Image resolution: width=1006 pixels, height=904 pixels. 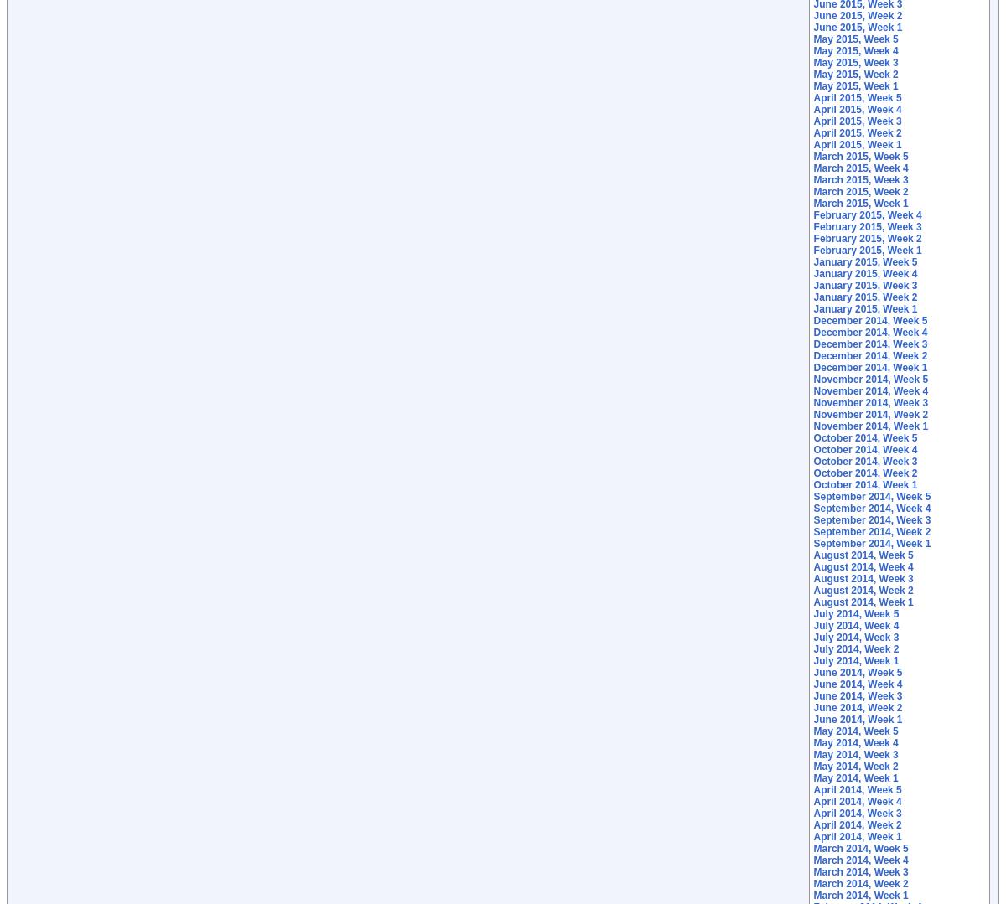 What do you see at coordinates (865, 461) in the screenshot?
I see `'October 2014, Week 3'` at bounding box center [865, 461].